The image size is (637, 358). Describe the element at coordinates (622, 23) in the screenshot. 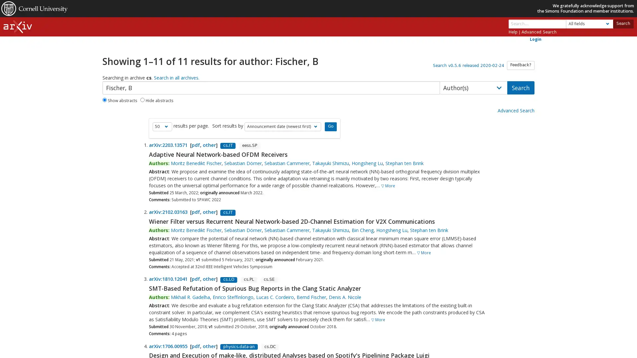

I see `Search` at that location.